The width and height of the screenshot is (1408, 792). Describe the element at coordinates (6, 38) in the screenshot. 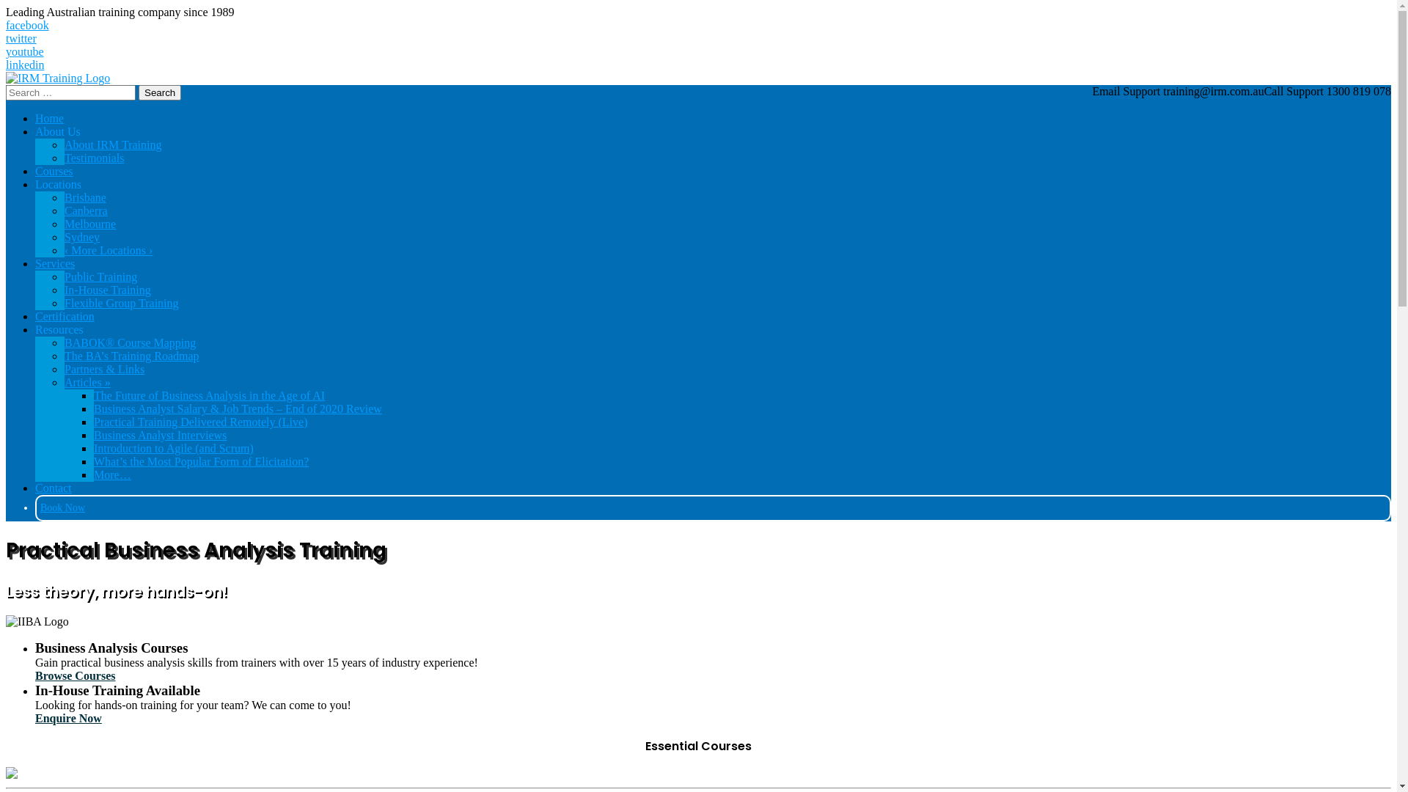

I see `'twitter'` at that location.